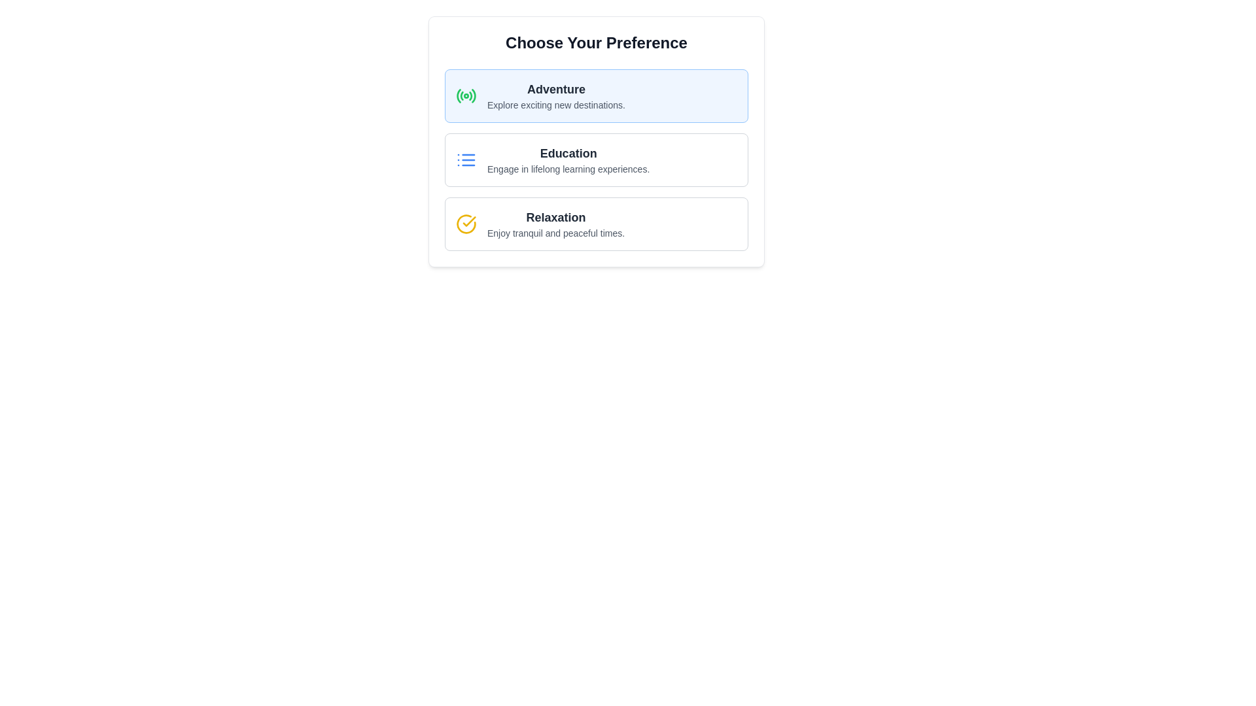  I want to click on the Selectable Menu Card for the theme 'Education', so click(596, 160).